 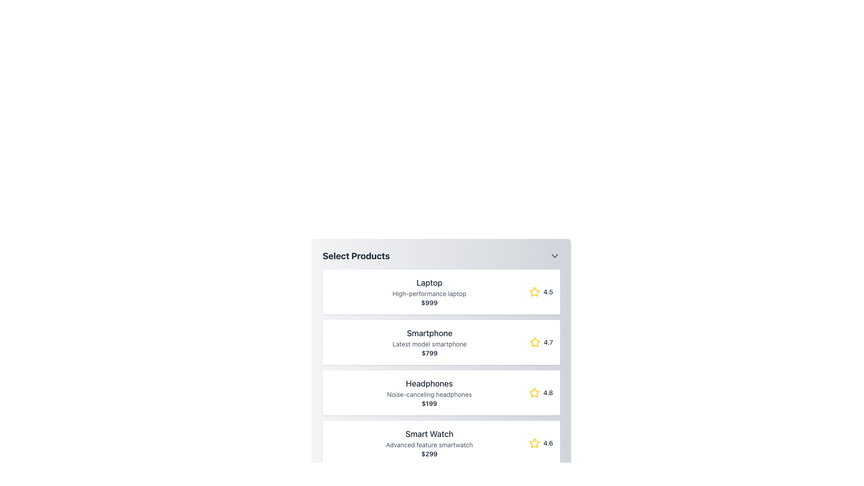 What do you see at coordinates (441, 368) in the screenshot?
I see `the second item in the 'Select Products' list` at bounding box center [441, 368].